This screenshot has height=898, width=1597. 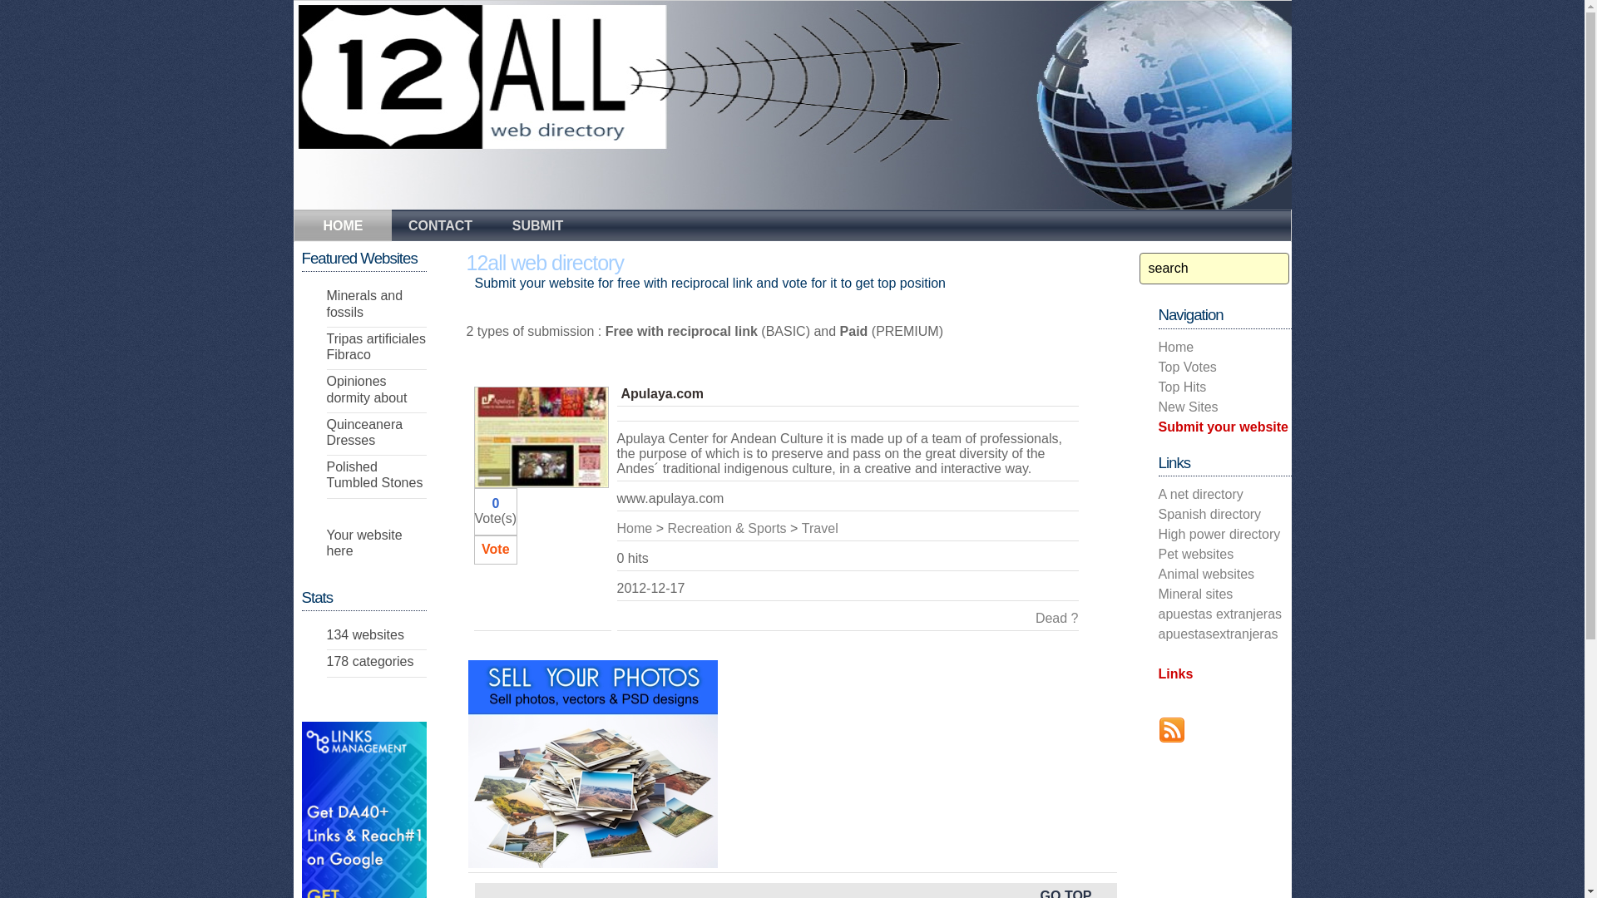 I want to click on 'SUBMIT', so click(x=537, y=223).